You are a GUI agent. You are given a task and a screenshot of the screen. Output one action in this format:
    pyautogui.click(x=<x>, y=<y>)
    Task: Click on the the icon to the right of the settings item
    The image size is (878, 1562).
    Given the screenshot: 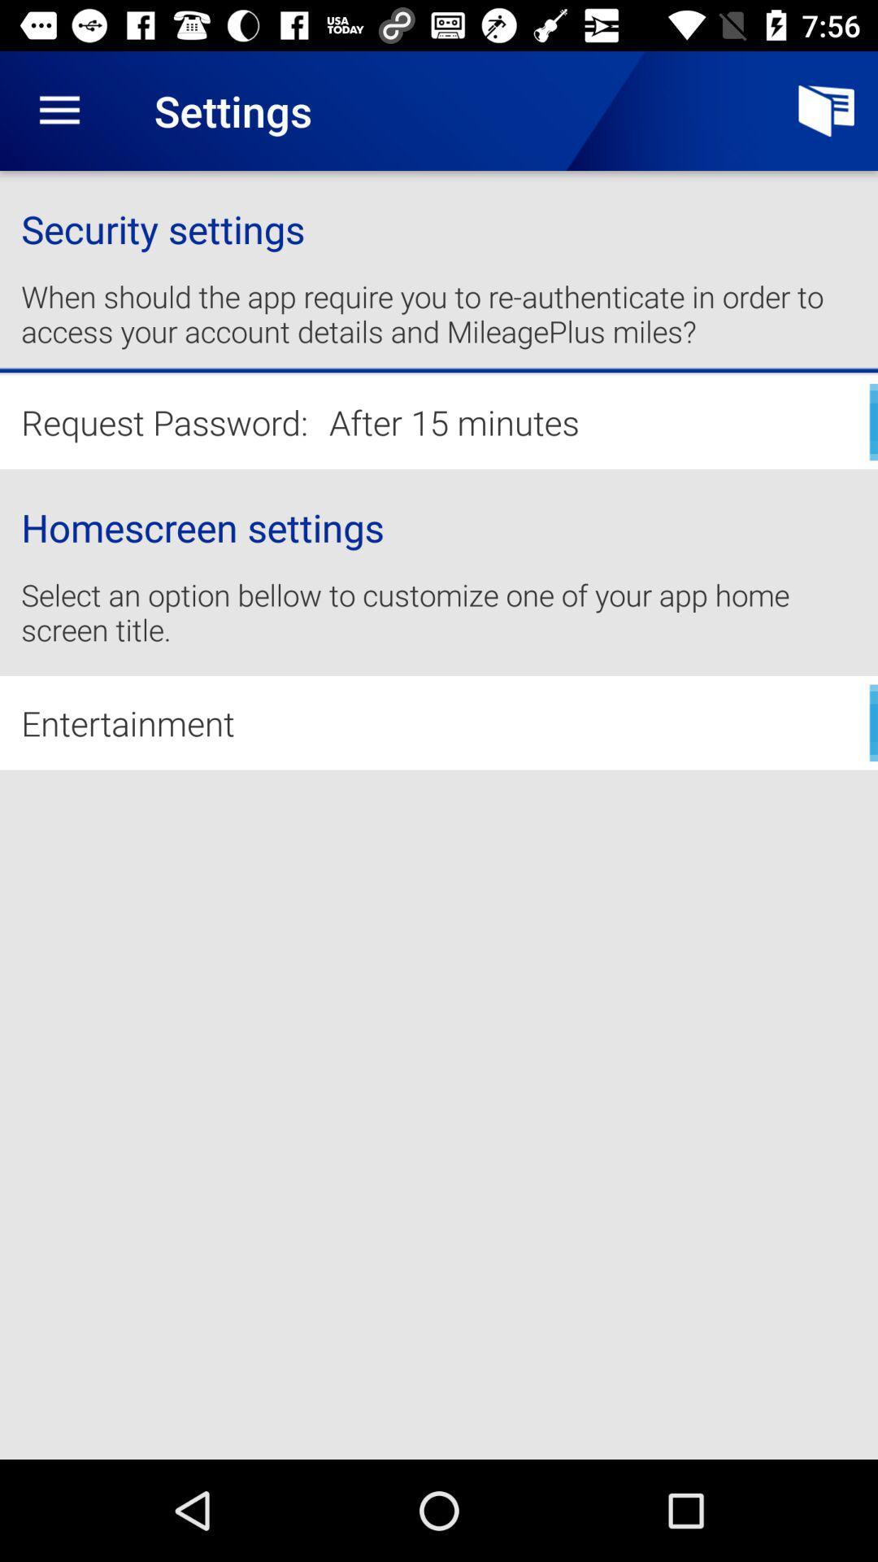 What is the action you would take?
    pyautogui.click(x=827, y=110)
    